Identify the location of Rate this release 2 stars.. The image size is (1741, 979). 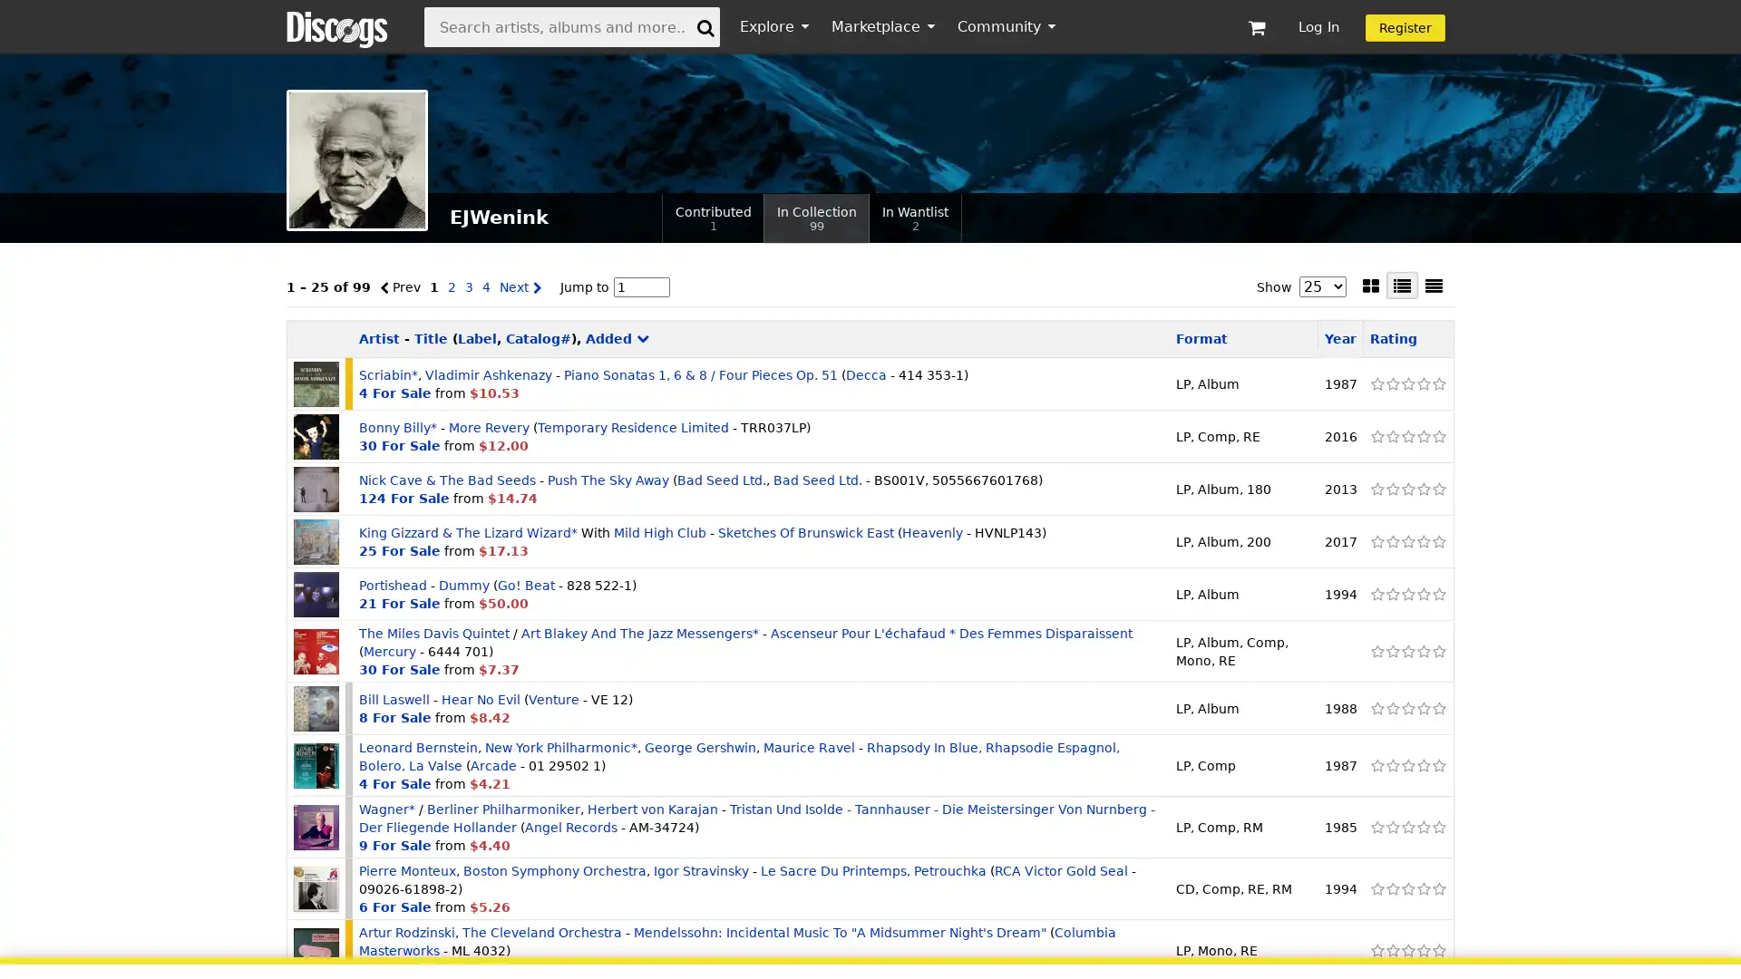
(1391, 650).